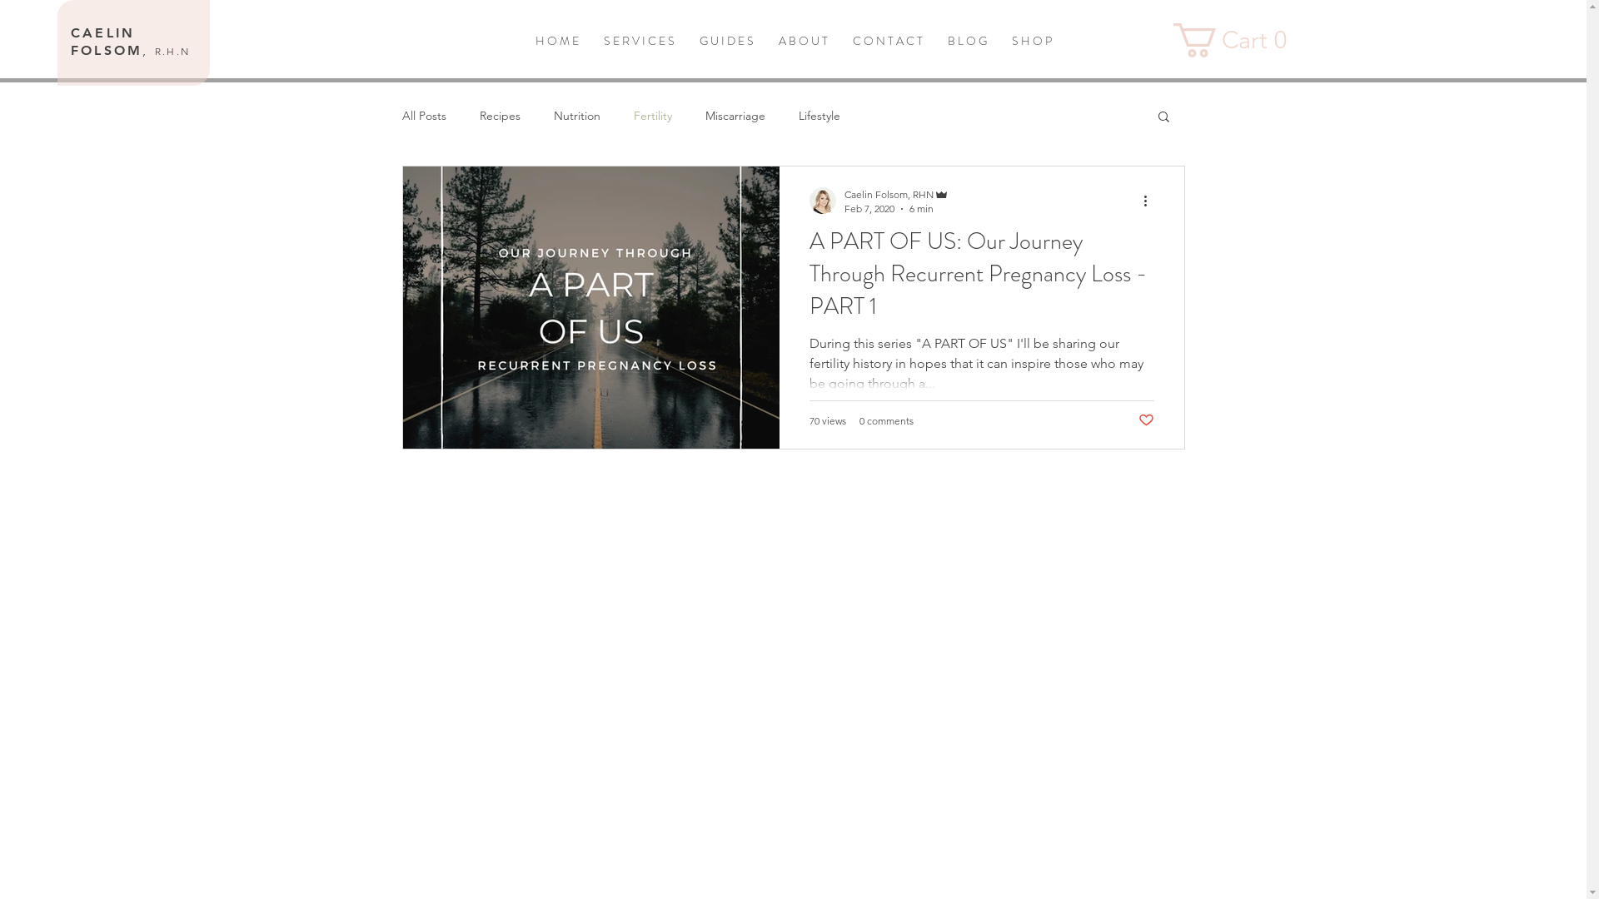  Describe the element at coordinates (686, 40) in the screenshot. I see `'G U I D E S'` at that location.